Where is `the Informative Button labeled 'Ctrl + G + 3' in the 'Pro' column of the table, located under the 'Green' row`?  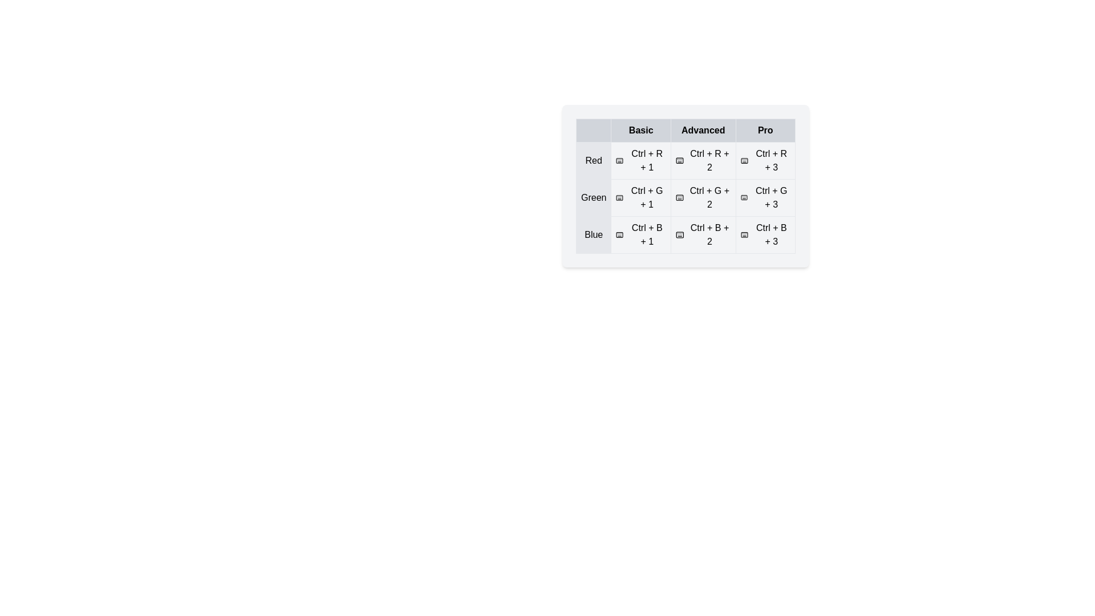
the Informative Button labeled 'Ctrl + G + 3' in the 'Pro' column of the table, located under the 'Green' row is located at coordinates (765, 197).